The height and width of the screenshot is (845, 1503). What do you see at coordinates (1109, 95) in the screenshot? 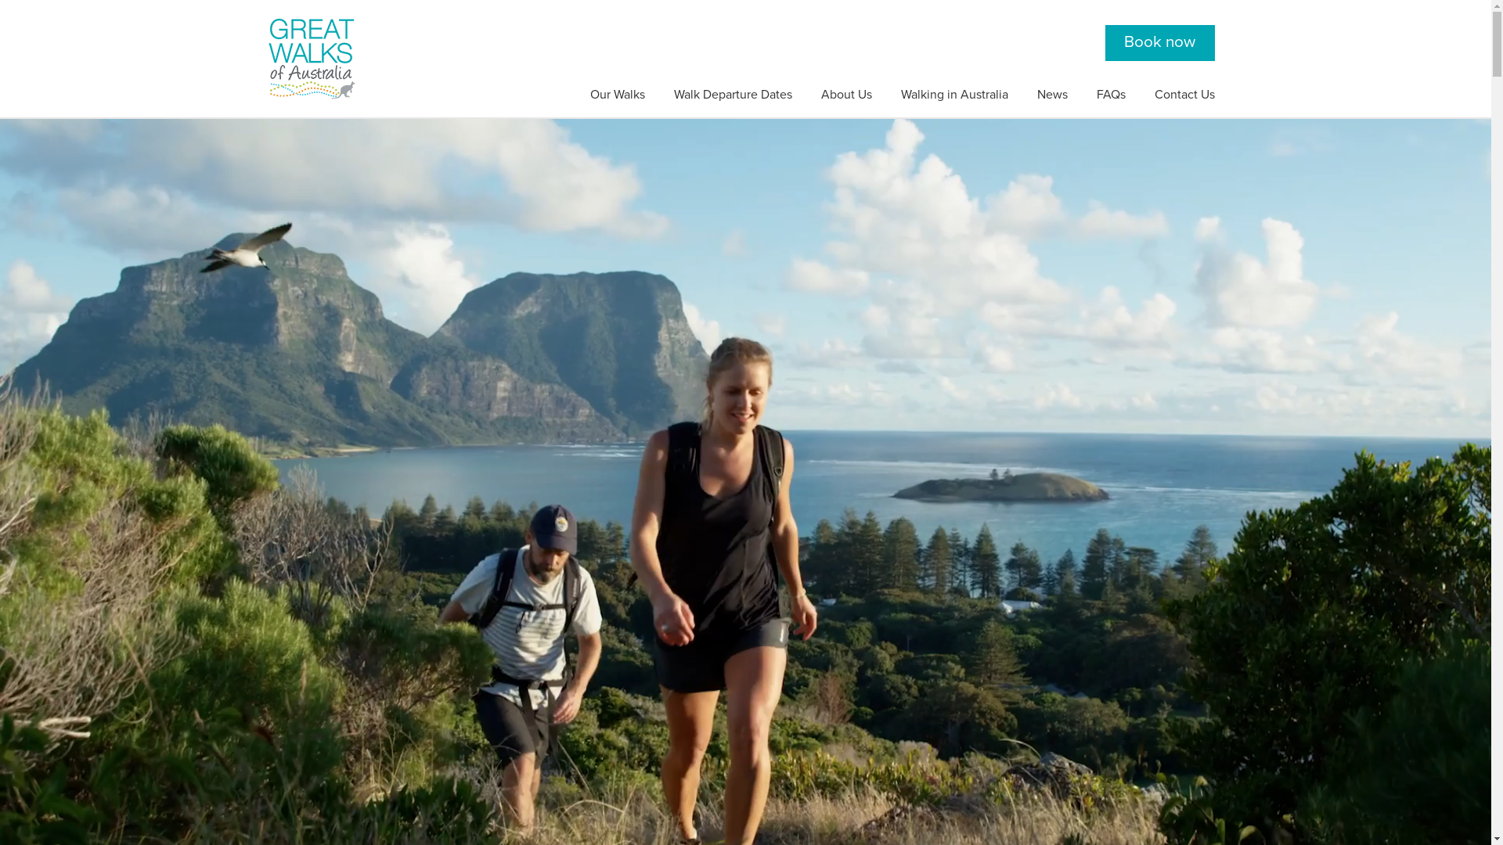
I see `'FAQs'` at bounding box center [1109, 95].